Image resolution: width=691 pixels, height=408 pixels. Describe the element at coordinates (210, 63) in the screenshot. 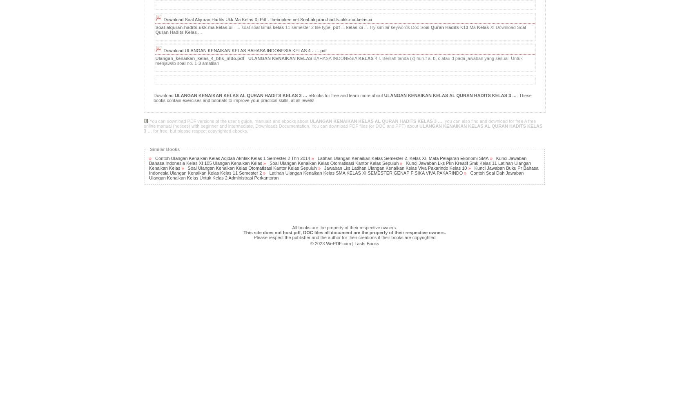

I see `'amatilah'` at that location.